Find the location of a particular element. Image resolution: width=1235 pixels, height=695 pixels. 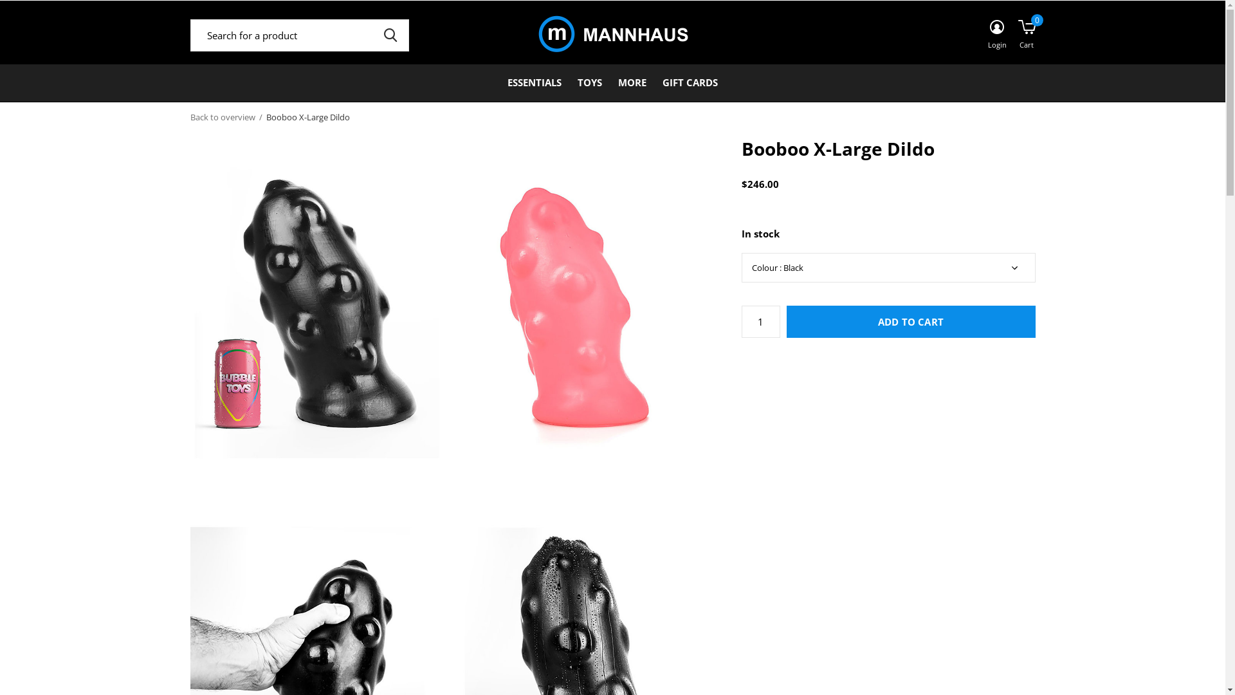

'ADD TO CART' is located at coordinates (910, 321).